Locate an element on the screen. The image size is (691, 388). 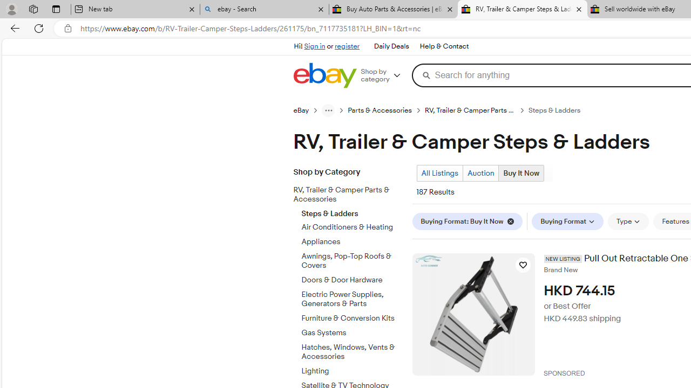
'Buy It Now Current view' is located at coordinates (521, 172).